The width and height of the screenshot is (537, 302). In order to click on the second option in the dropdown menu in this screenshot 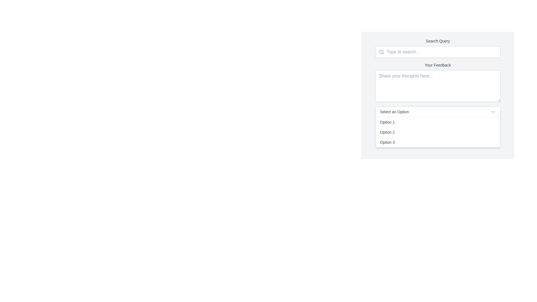, I will do `click(437, 132)`.